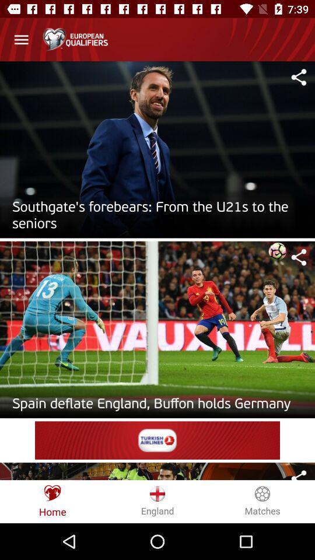 The width and height of the screenshot is (315, 560). What do you see at coordinates (299, 257) in the screenshot?
I see `the share icon of spain deflate england  buffon holds germany` at bounding box center [299, 257].